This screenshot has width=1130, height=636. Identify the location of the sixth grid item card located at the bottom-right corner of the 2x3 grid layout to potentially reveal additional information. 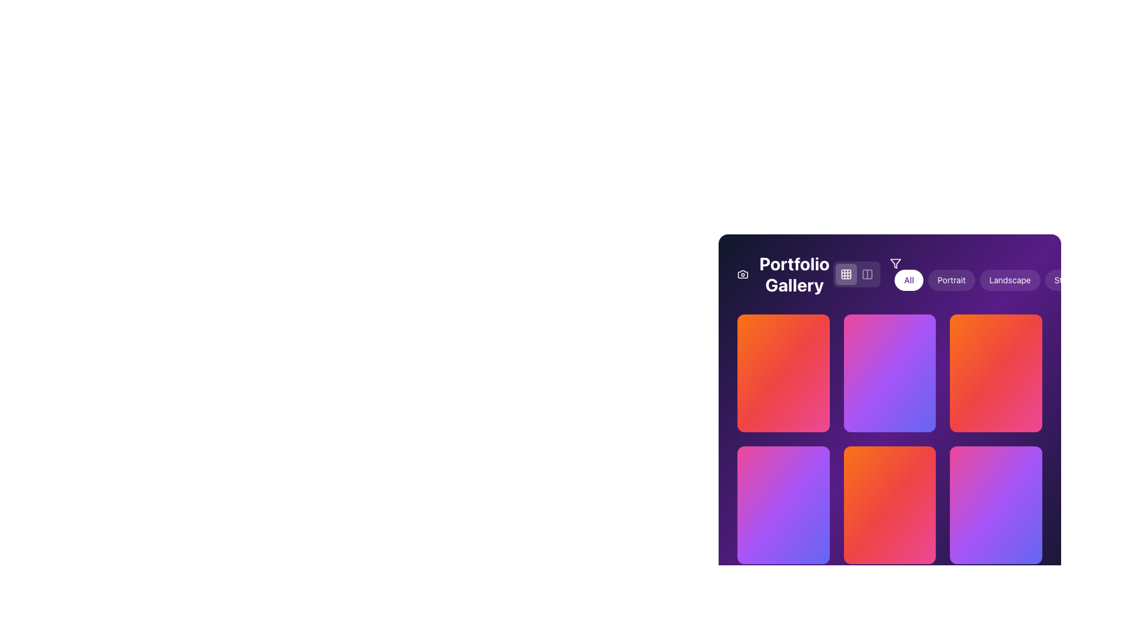
(995, 504).